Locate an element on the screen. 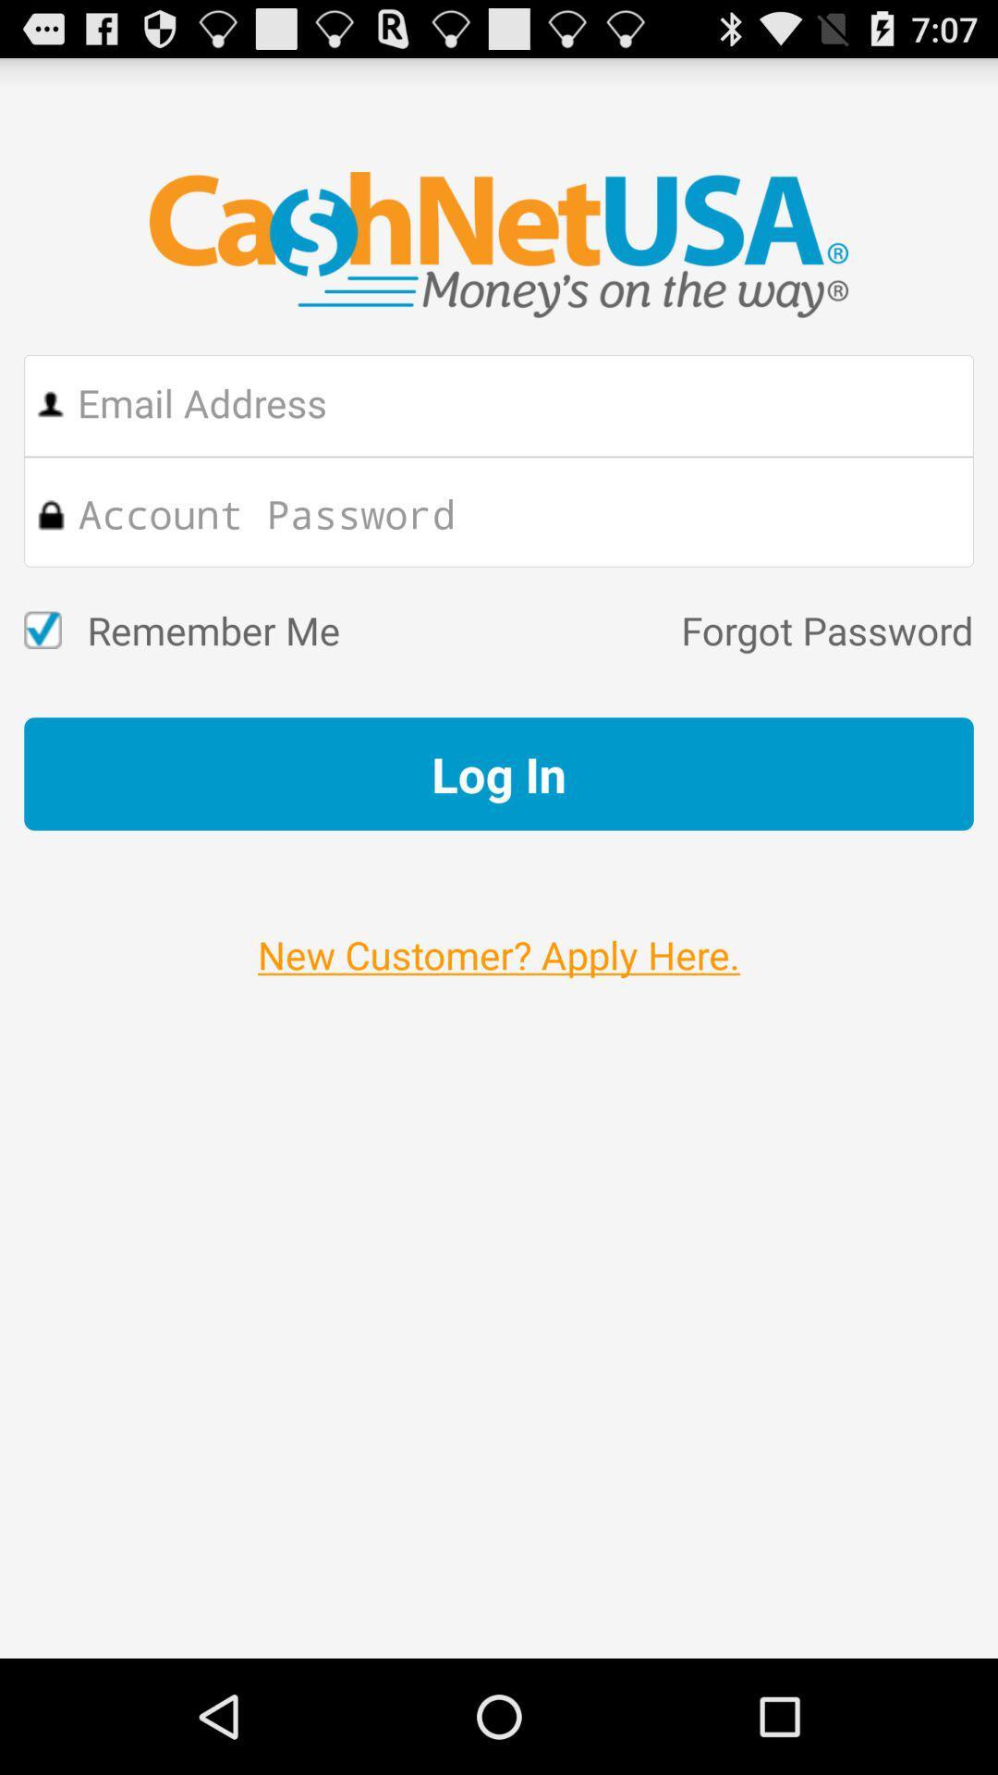 The height and width of the screenshot is (1775, 998). the new customer apply item is located at coordinates (499, 936).